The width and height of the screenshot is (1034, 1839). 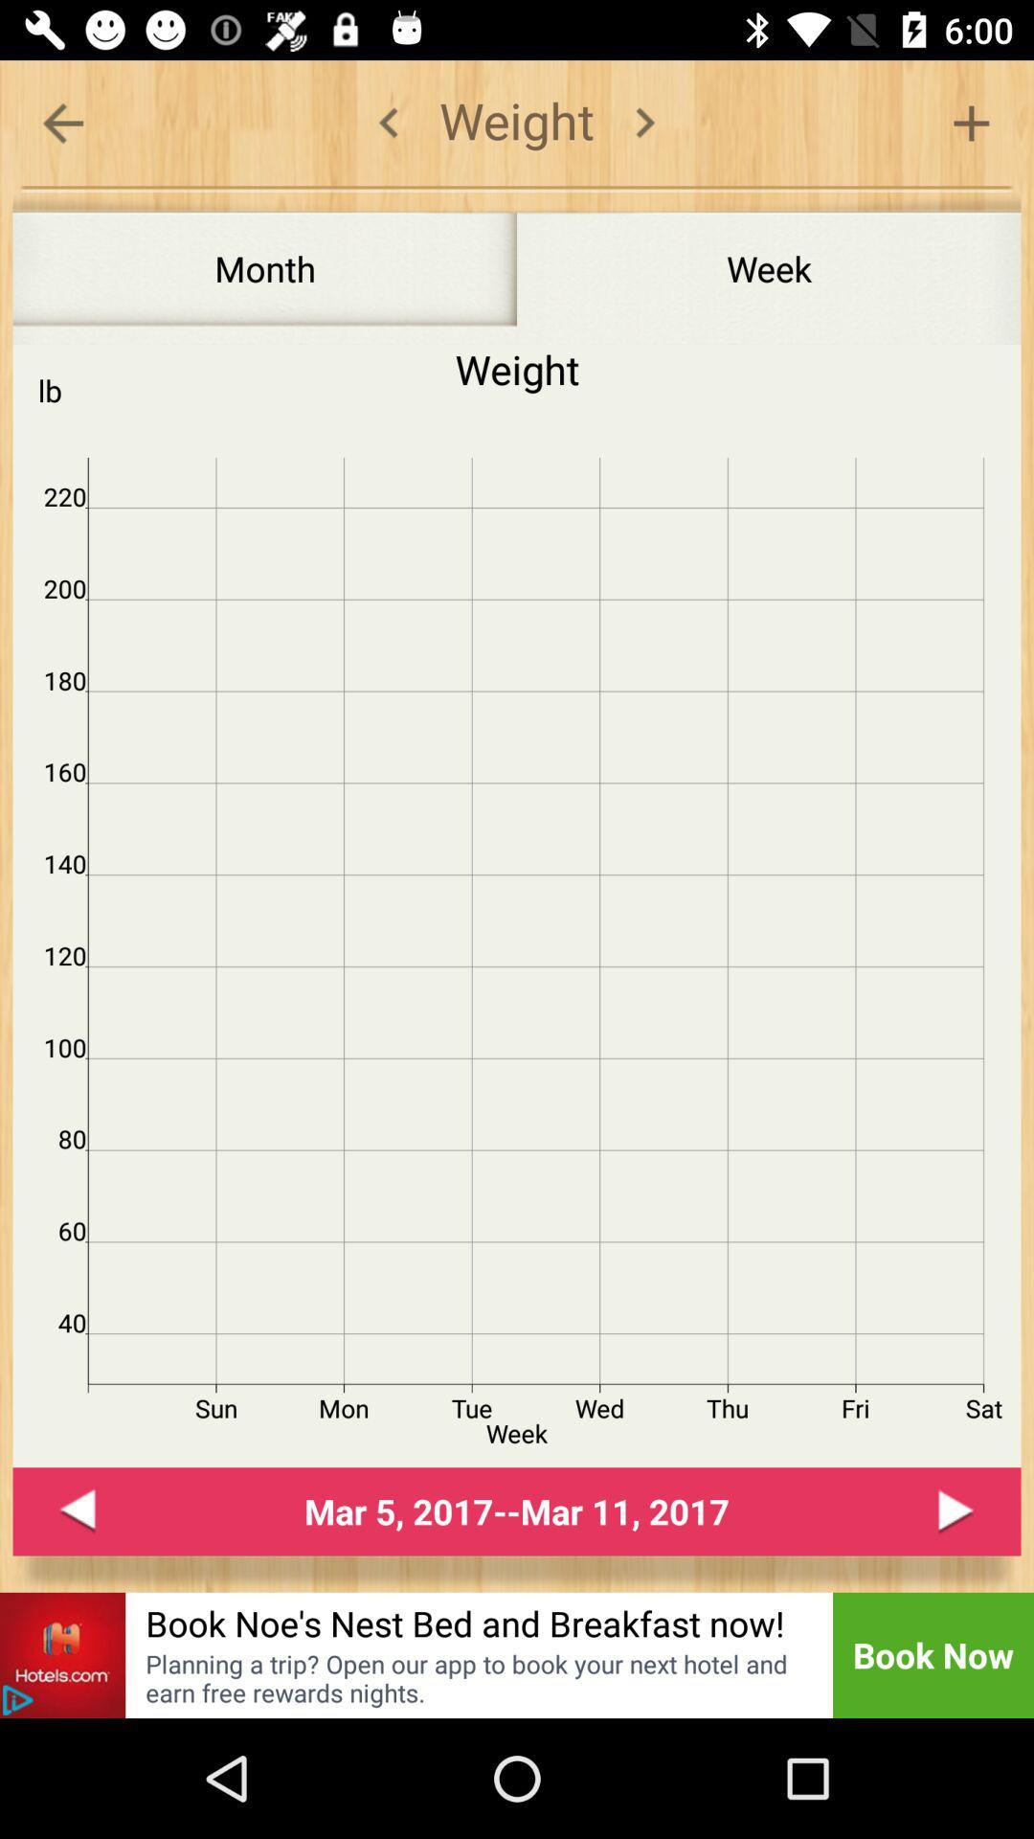 What do you see at coordinates (644, 122) in the screenshot?
I see `the arrow_forward icon` at bounding box center [644, 122].